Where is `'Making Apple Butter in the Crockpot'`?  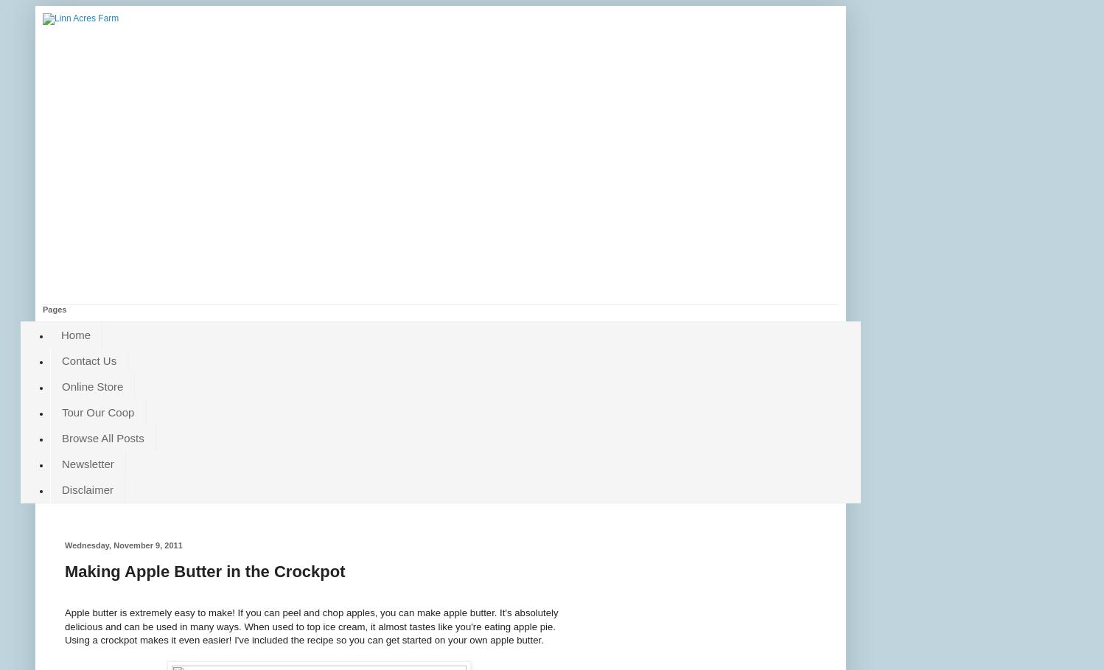
'Making Apple Butter in the Crockpot' is located at coordinates (204, 570).